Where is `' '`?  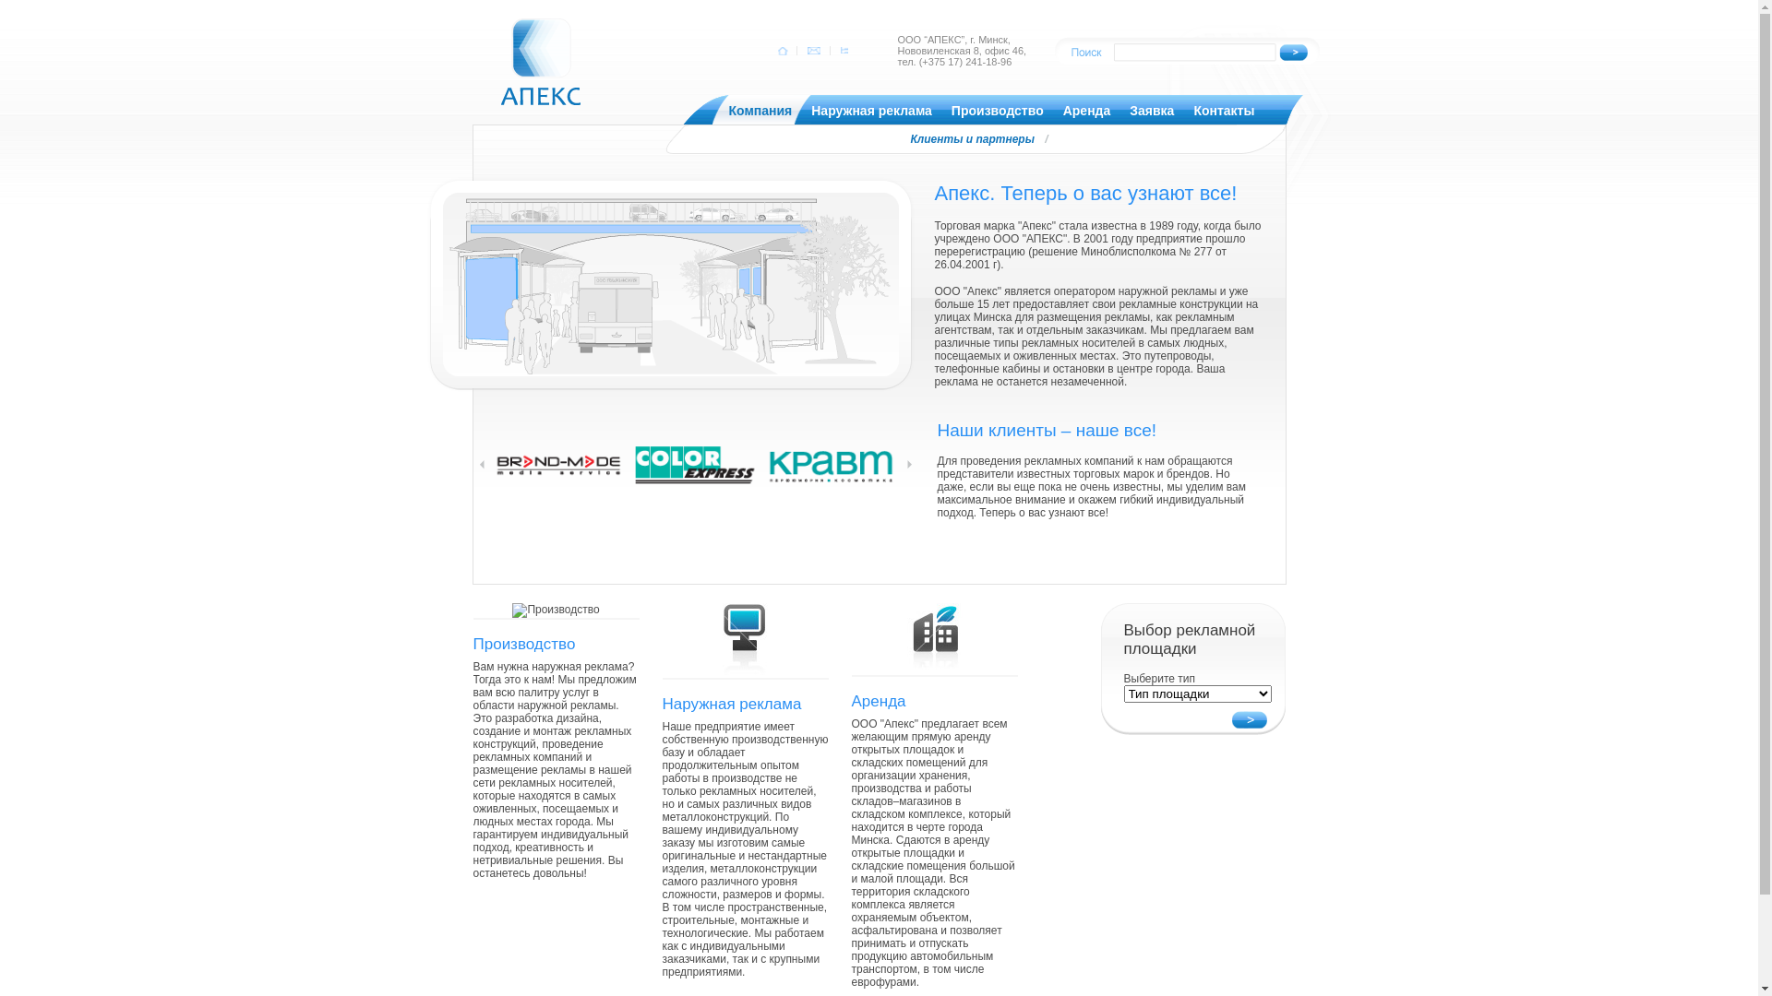
' ' is located at coordinates (841, 49).